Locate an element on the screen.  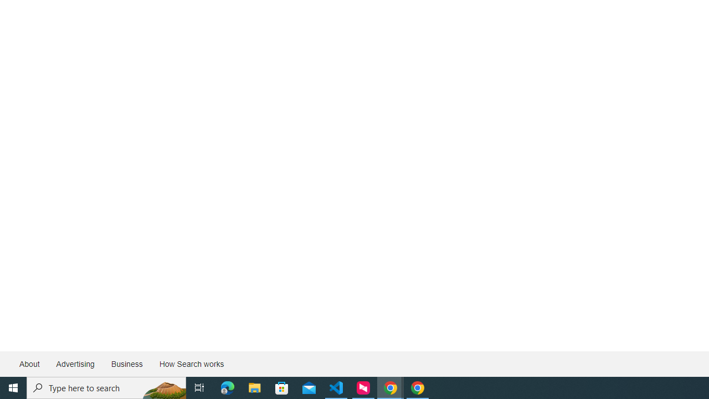
'How Search works' is located at coordinates (191, 364).